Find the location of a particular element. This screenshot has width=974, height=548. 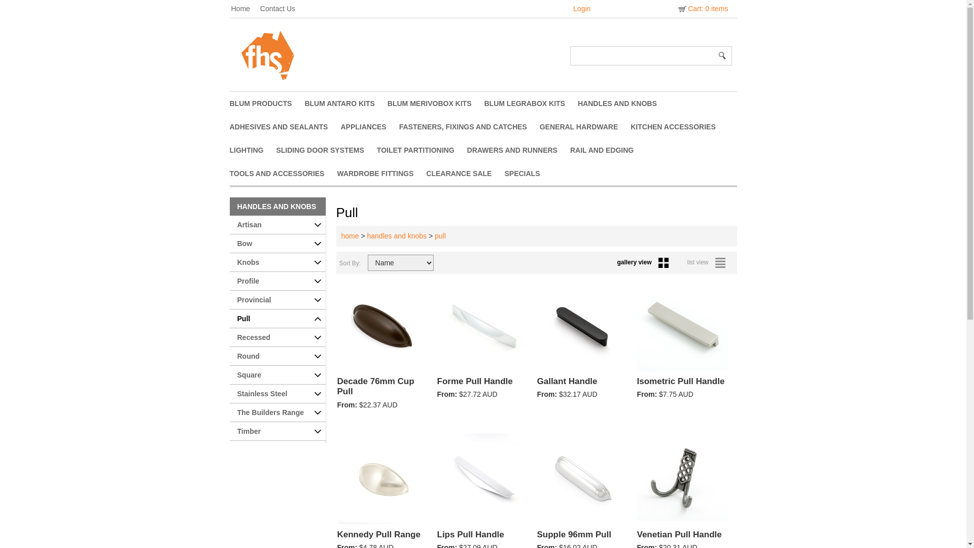

'Recessed' is located at coordinates (277, 337).